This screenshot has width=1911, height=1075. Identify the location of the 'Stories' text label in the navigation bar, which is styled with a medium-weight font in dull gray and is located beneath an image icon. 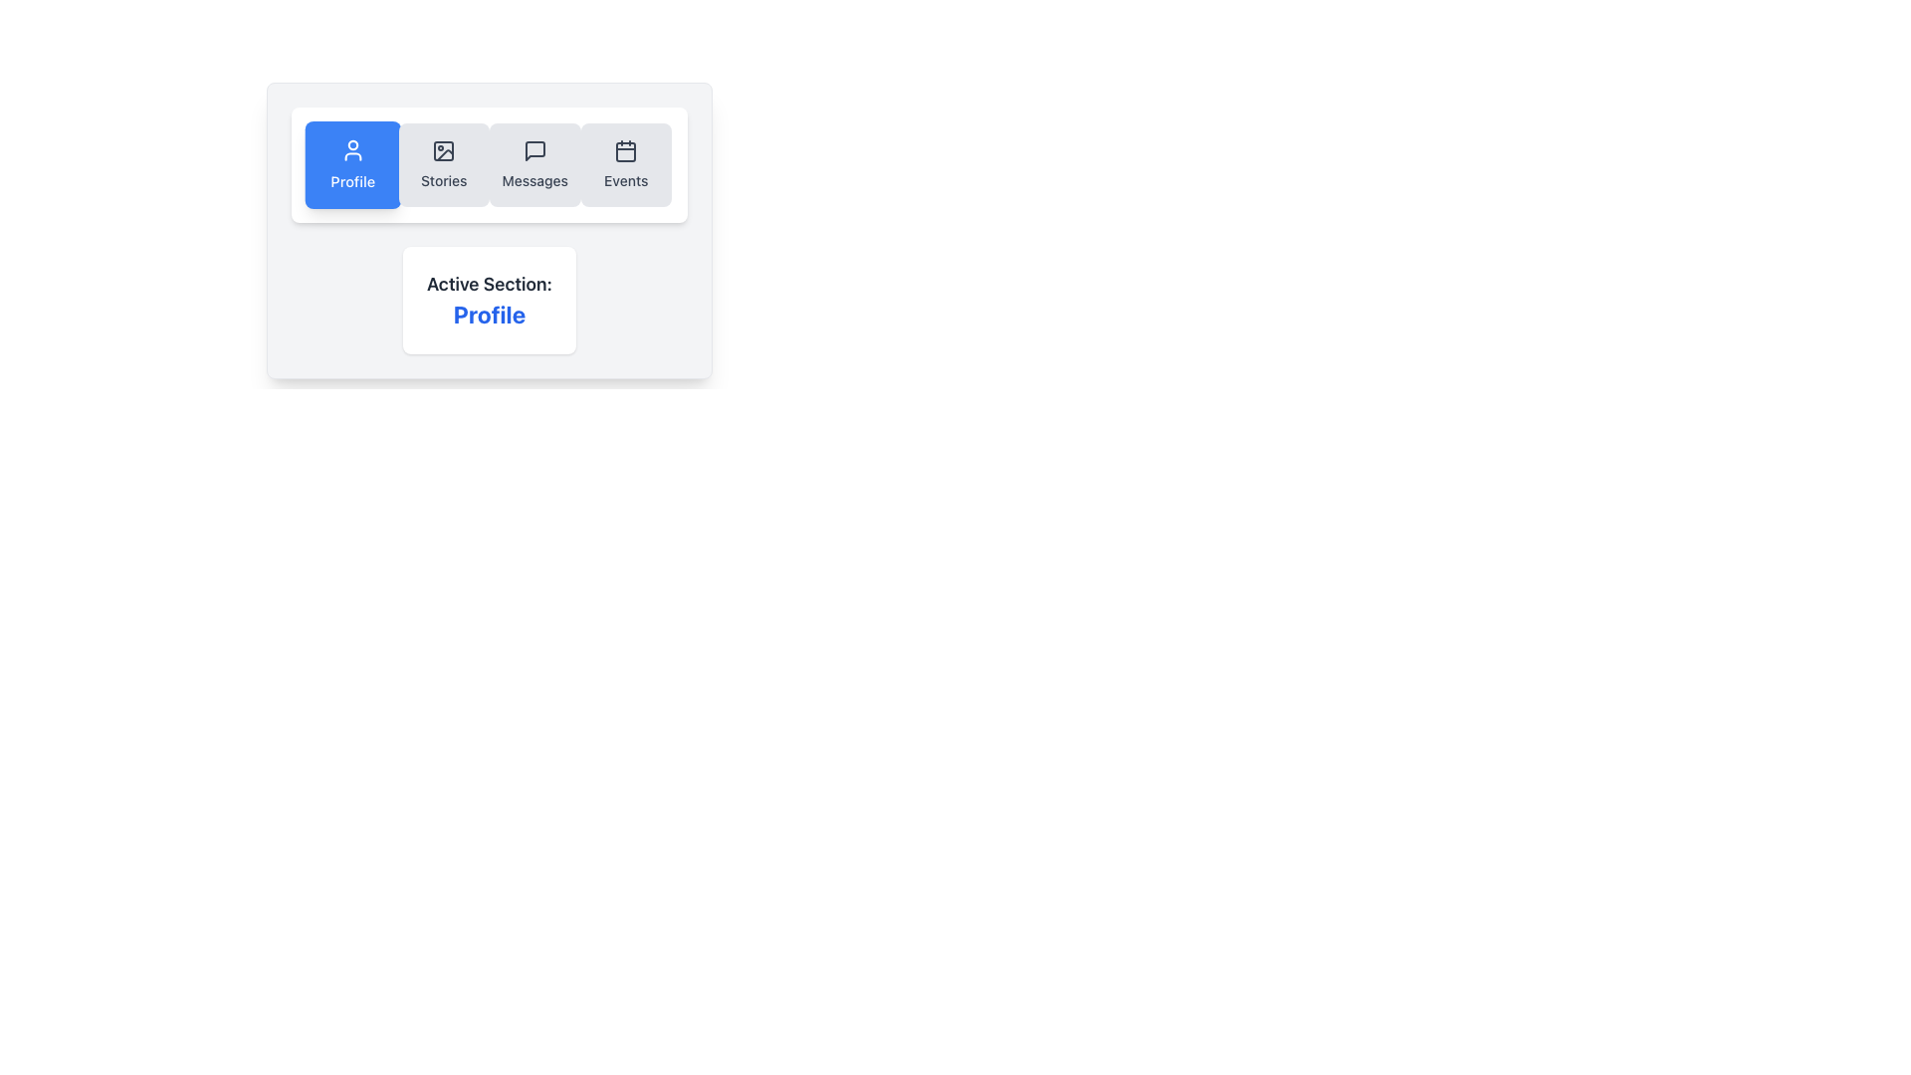
(443, 180).